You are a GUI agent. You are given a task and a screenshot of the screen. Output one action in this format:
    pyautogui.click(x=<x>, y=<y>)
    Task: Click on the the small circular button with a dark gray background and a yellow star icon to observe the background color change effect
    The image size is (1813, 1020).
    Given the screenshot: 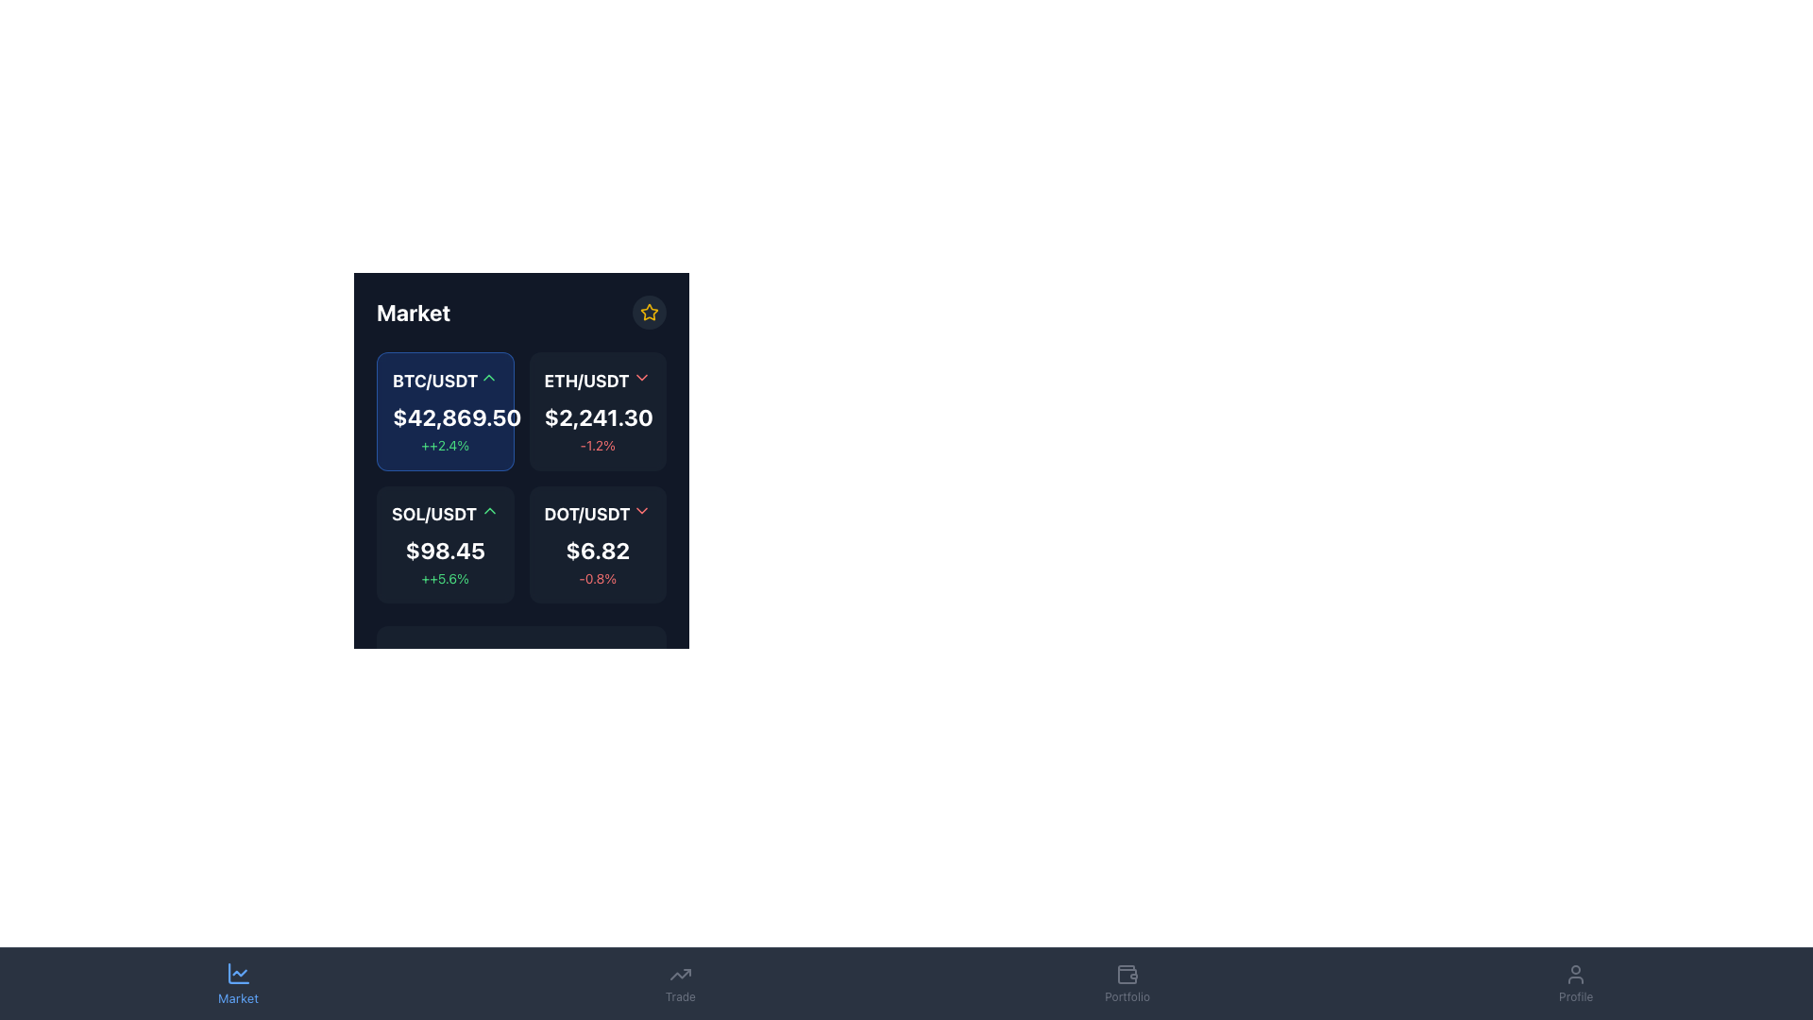 What is the action you would take?
    pyautogui.click(x=649, y=312)
    